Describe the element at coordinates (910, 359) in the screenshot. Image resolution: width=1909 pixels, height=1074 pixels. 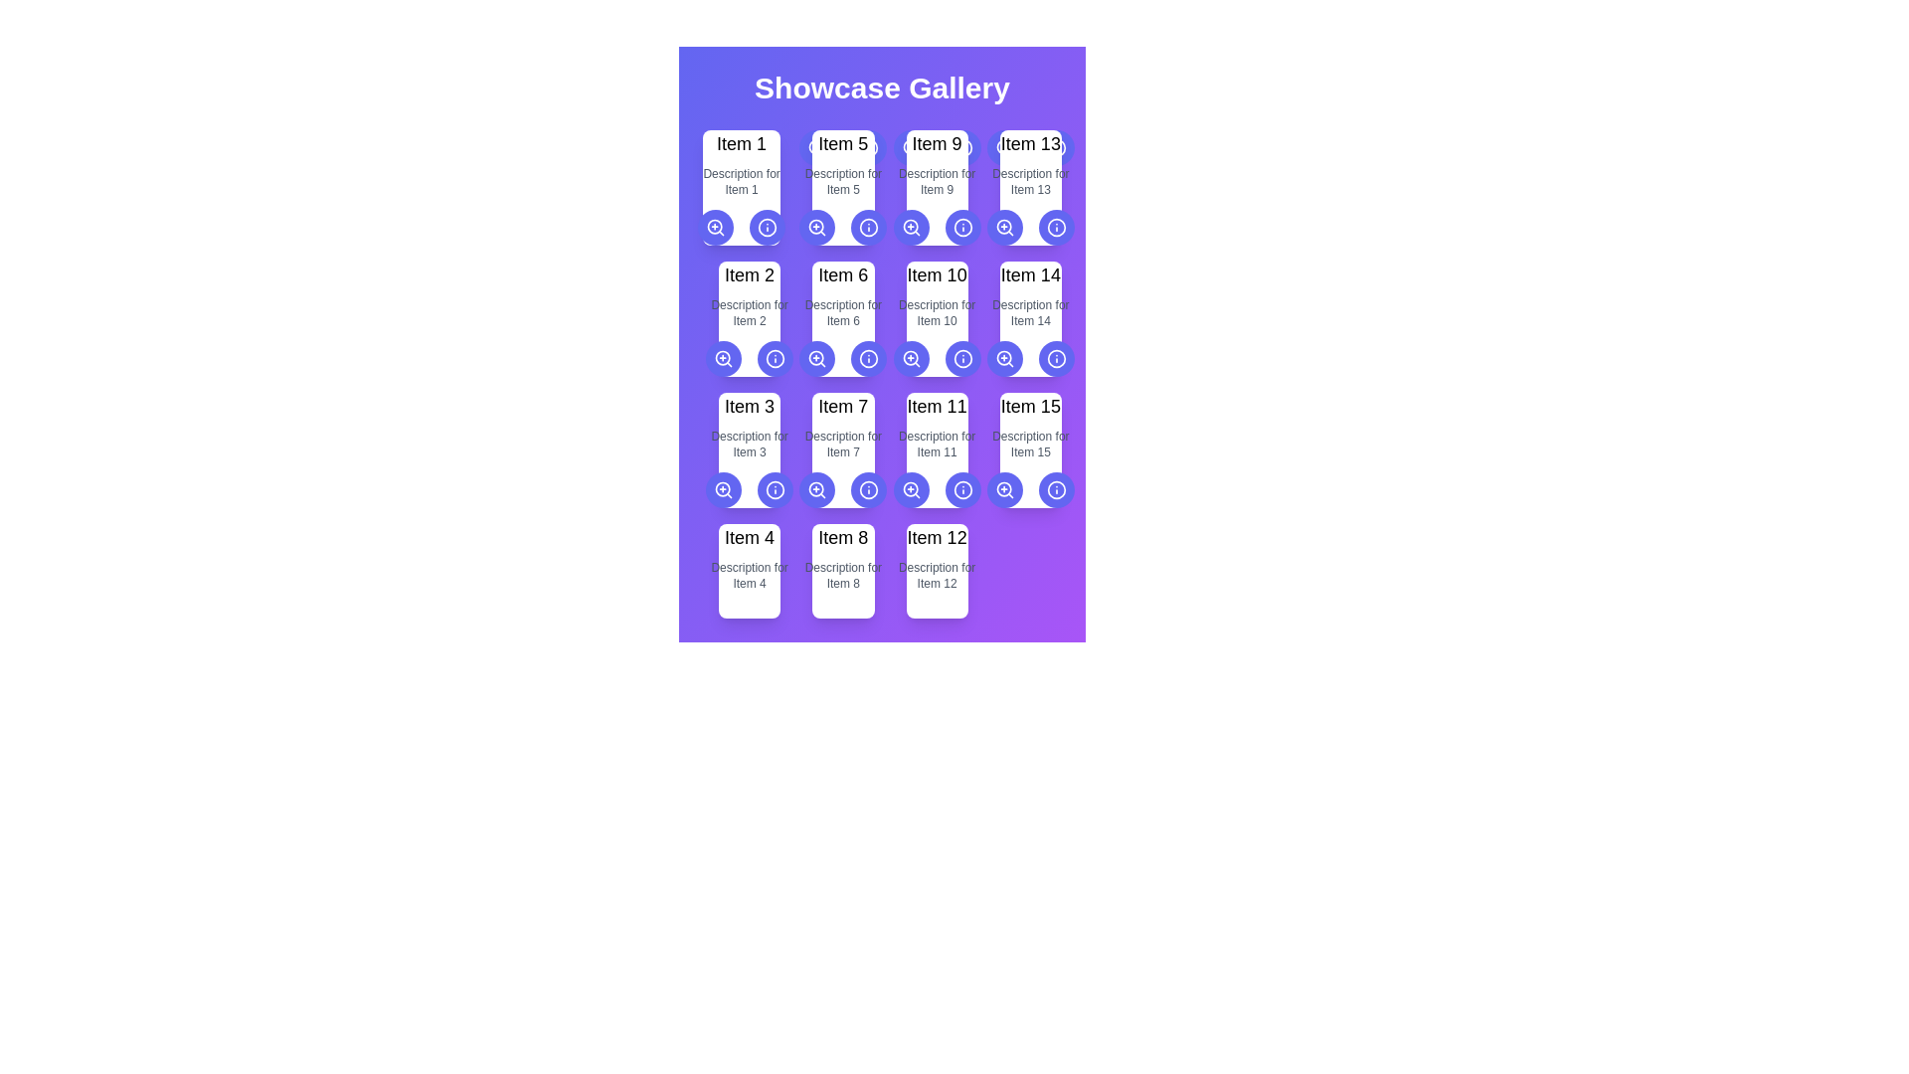
I see `the zoom in button located in the row labeled 'Item 10', positioned to the left of other buttons` at that location.